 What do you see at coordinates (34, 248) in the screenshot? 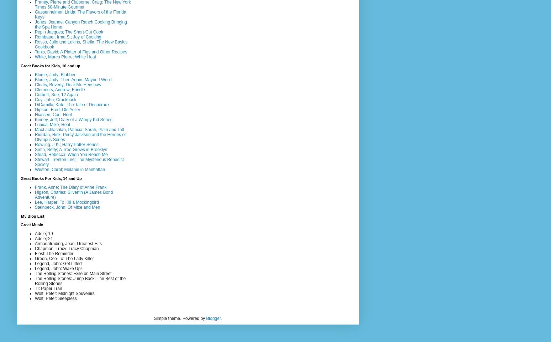
I see `'Chapman, Tracy: Tracy Chapman'` at bounding box center [34, 248].